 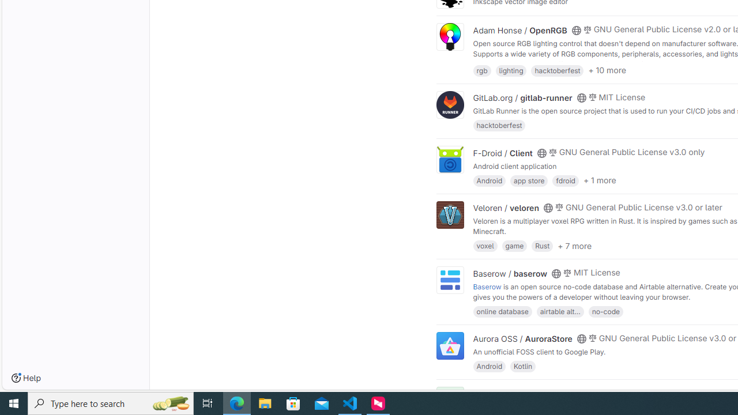 What do you see at coordinates (541, 245) in the screenshot?
I see `'Rust'` at bounding box center [541, 245].